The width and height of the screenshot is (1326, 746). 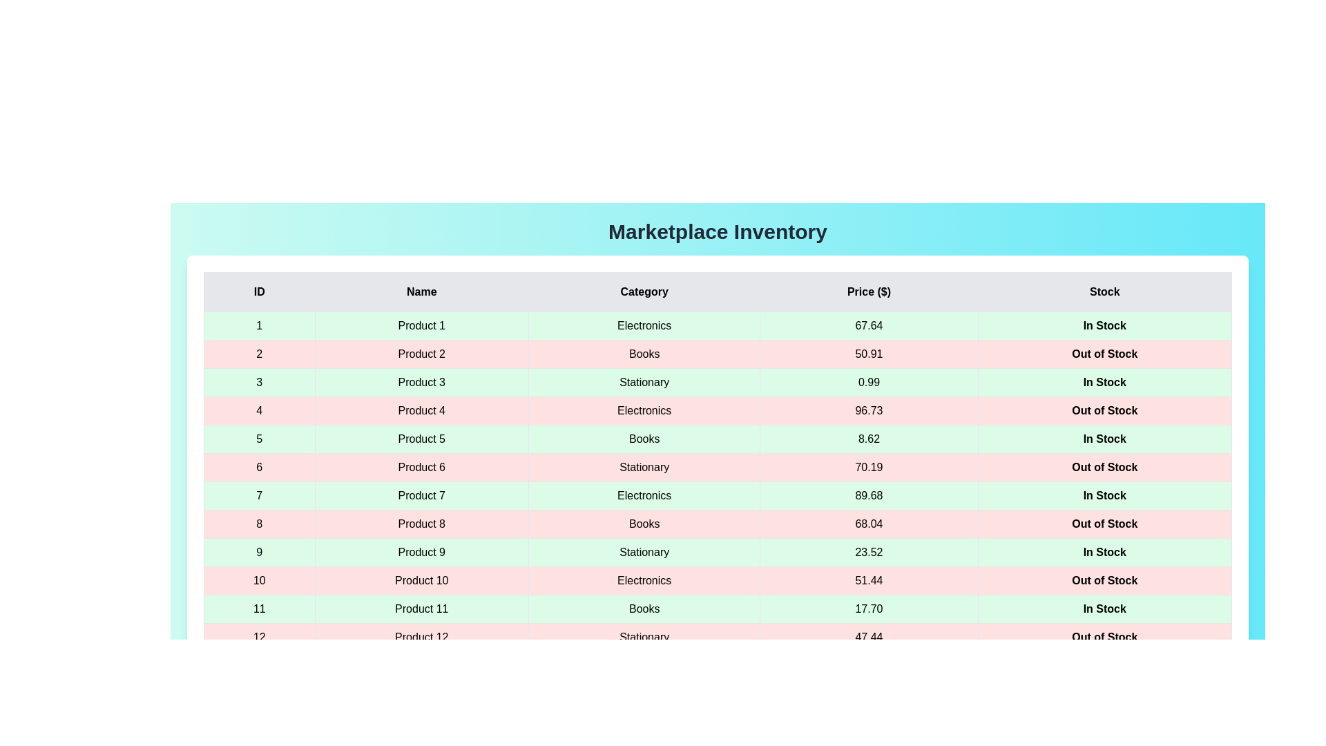 I want to click on the column header labeled 'Price ($)' to sort the table by that column, so click(x=868, y=291).